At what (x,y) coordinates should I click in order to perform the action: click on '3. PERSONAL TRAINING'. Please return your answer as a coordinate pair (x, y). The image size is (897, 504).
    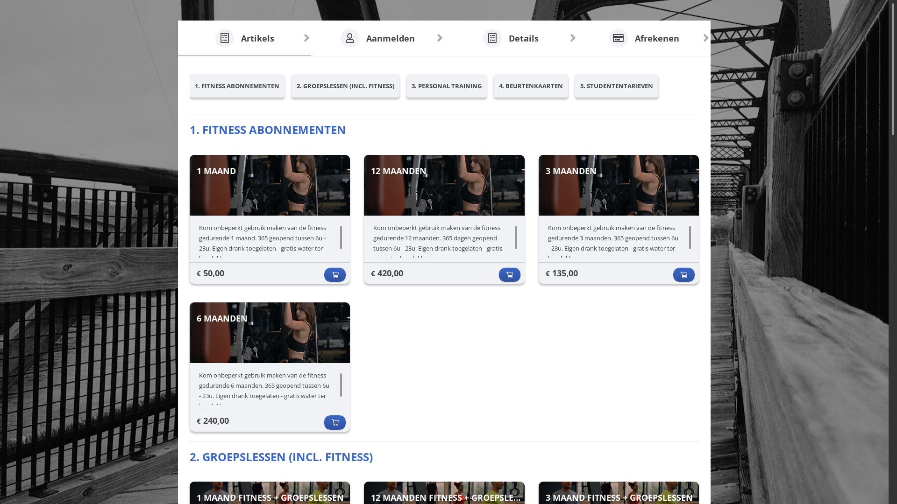
    Looking at the image, I should click on (446, 86).